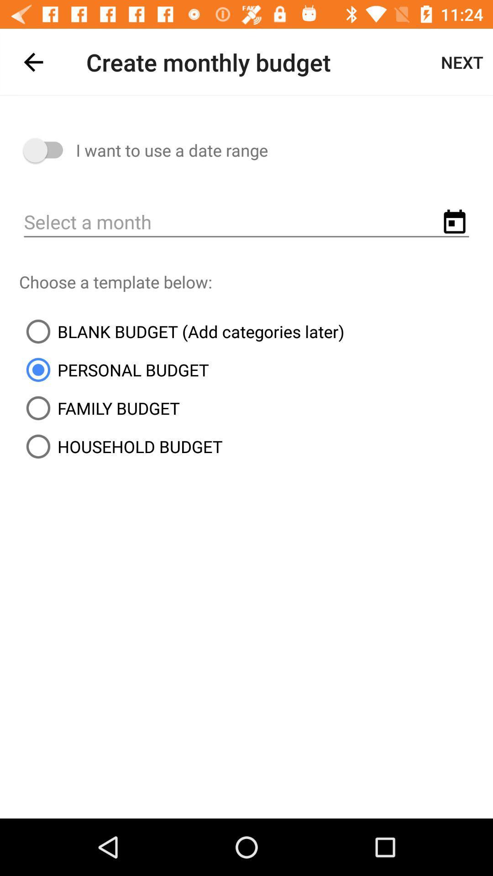 This screenshot has width=493, height=876. Describe the element at coordinates (182, 331) in the screenshot. I see `the icon below the choose a template` at that location.